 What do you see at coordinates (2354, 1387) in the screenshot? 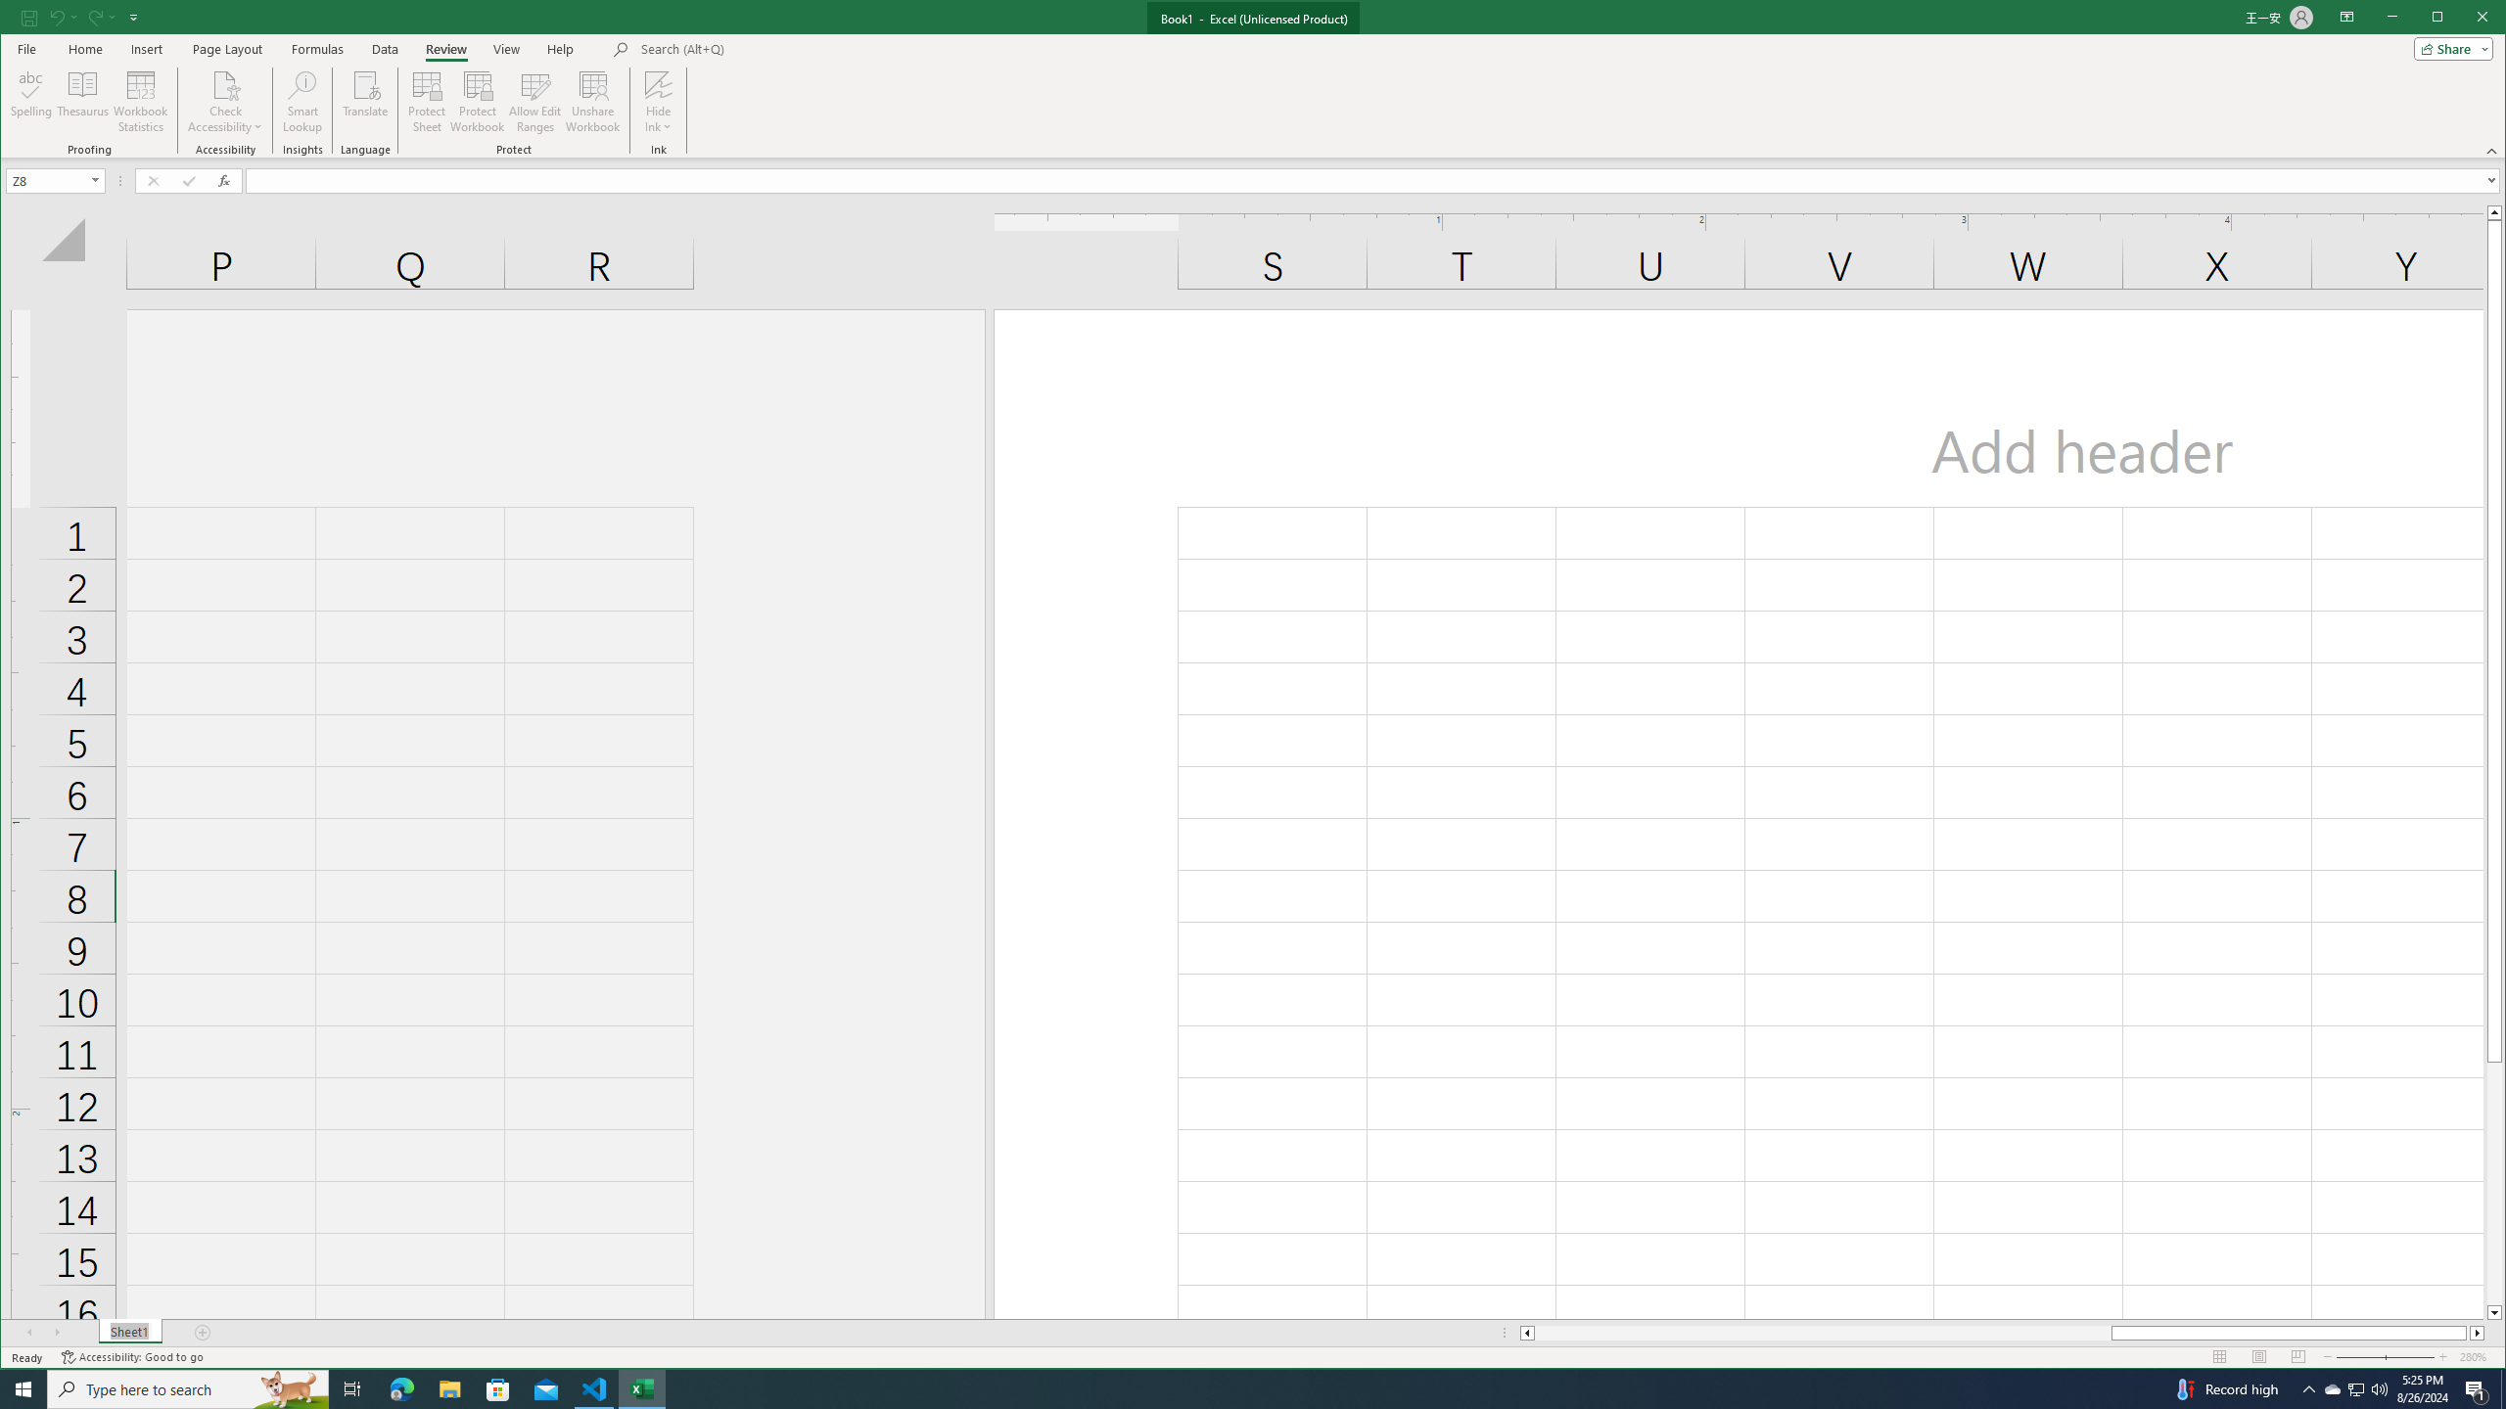
I see `'User Promoted Notification Area'` at bounding box center [2354, 1387].